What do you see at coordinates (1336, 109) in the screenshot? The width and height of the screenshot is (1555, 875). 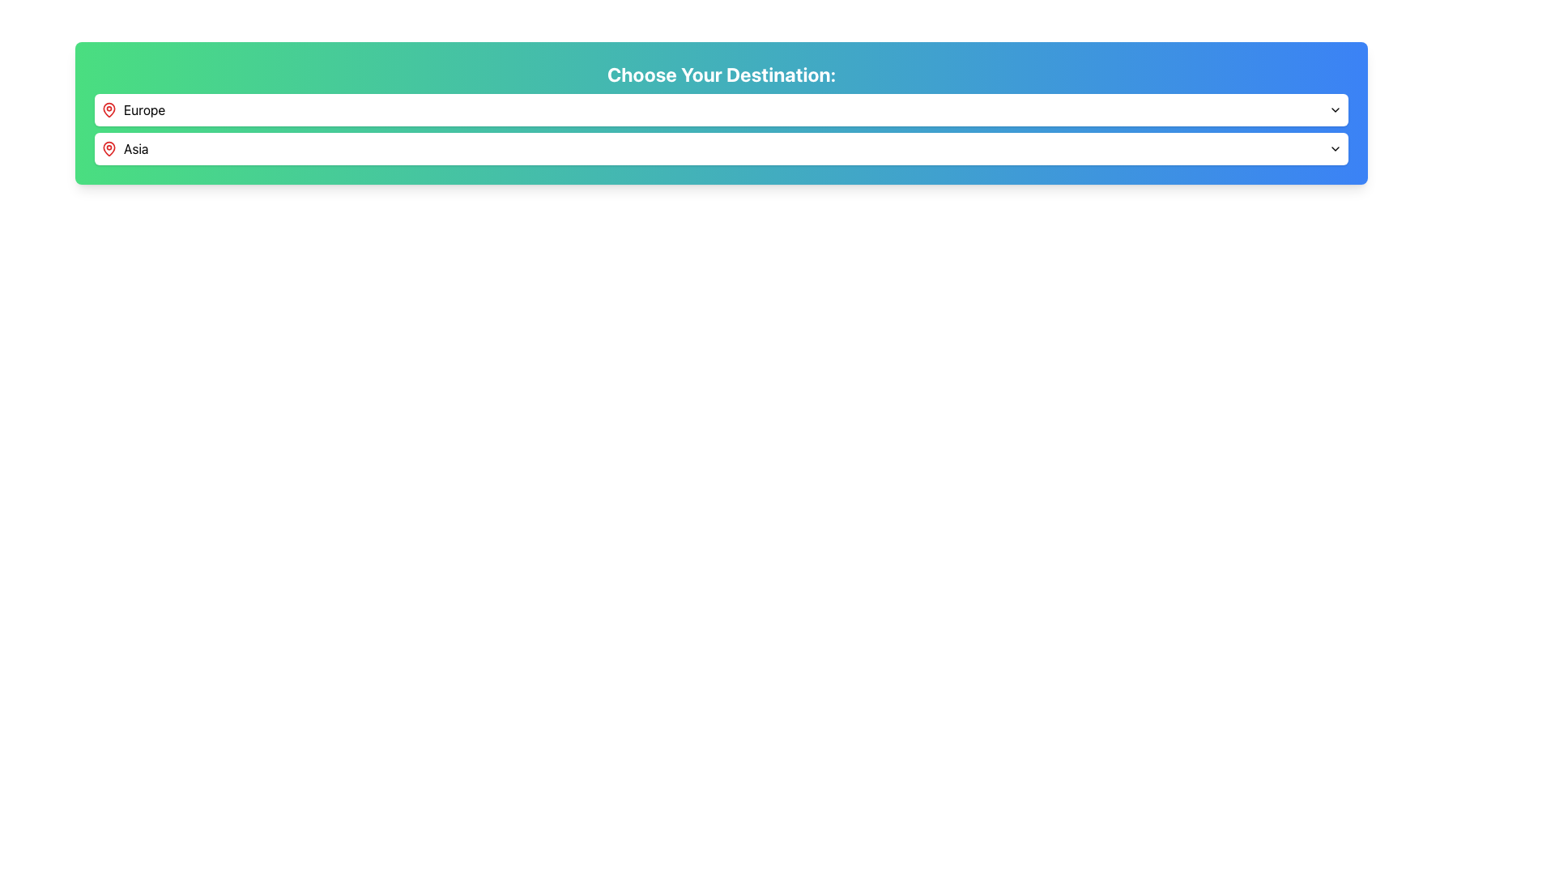 I see `the downward-pointing chevron icon on the right side of the 'Europe' dropdown to drop down options` at bounding box center [1336, 109].